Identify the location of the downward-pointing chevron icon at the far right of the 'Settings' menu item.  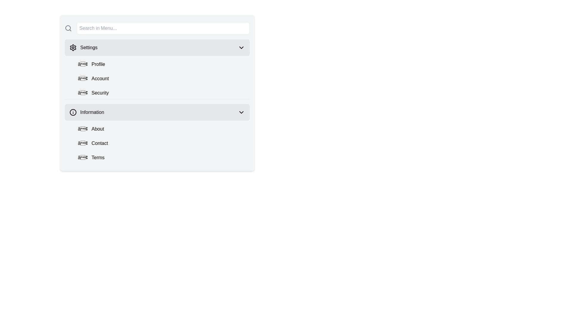
(241, 47).